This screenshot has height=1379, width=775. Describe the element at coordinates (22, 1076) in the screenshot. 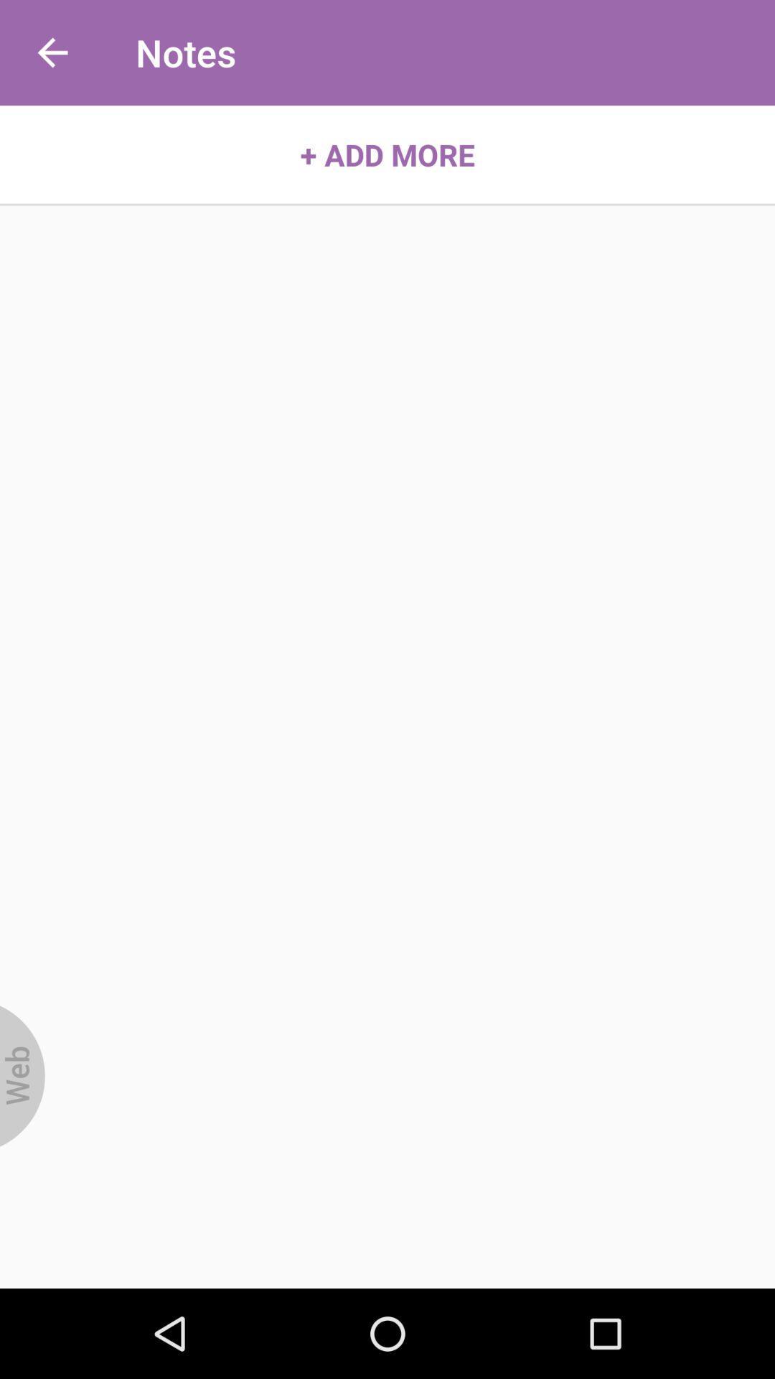

I see `visit the web` at that location.